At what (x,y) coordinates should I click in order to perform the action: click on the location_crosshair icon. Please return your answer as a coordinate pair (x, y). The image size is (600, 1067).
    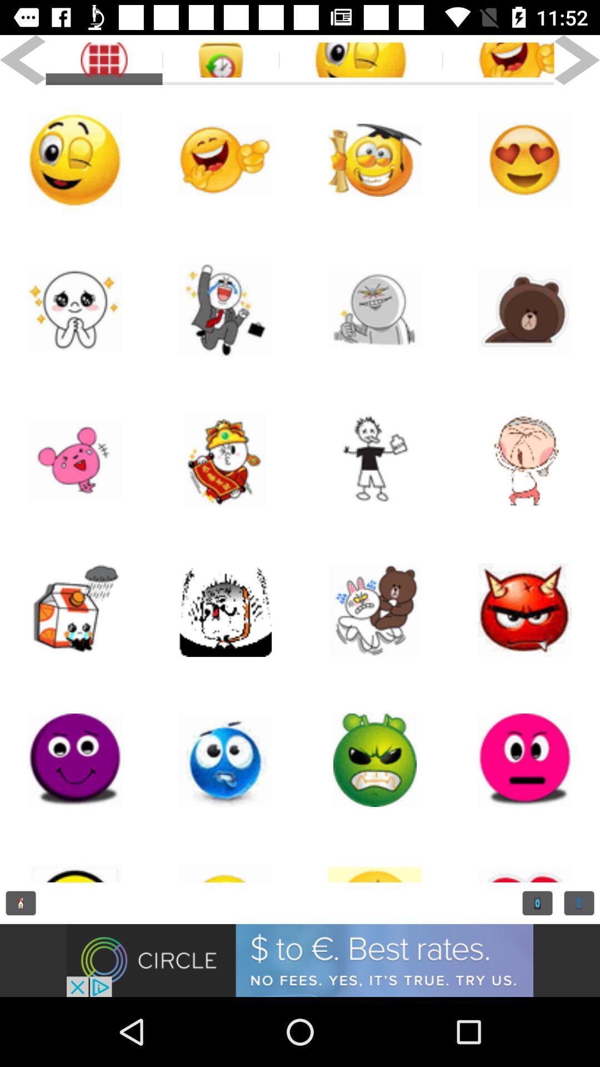
    Looking at the image, I should click on (375, 858).